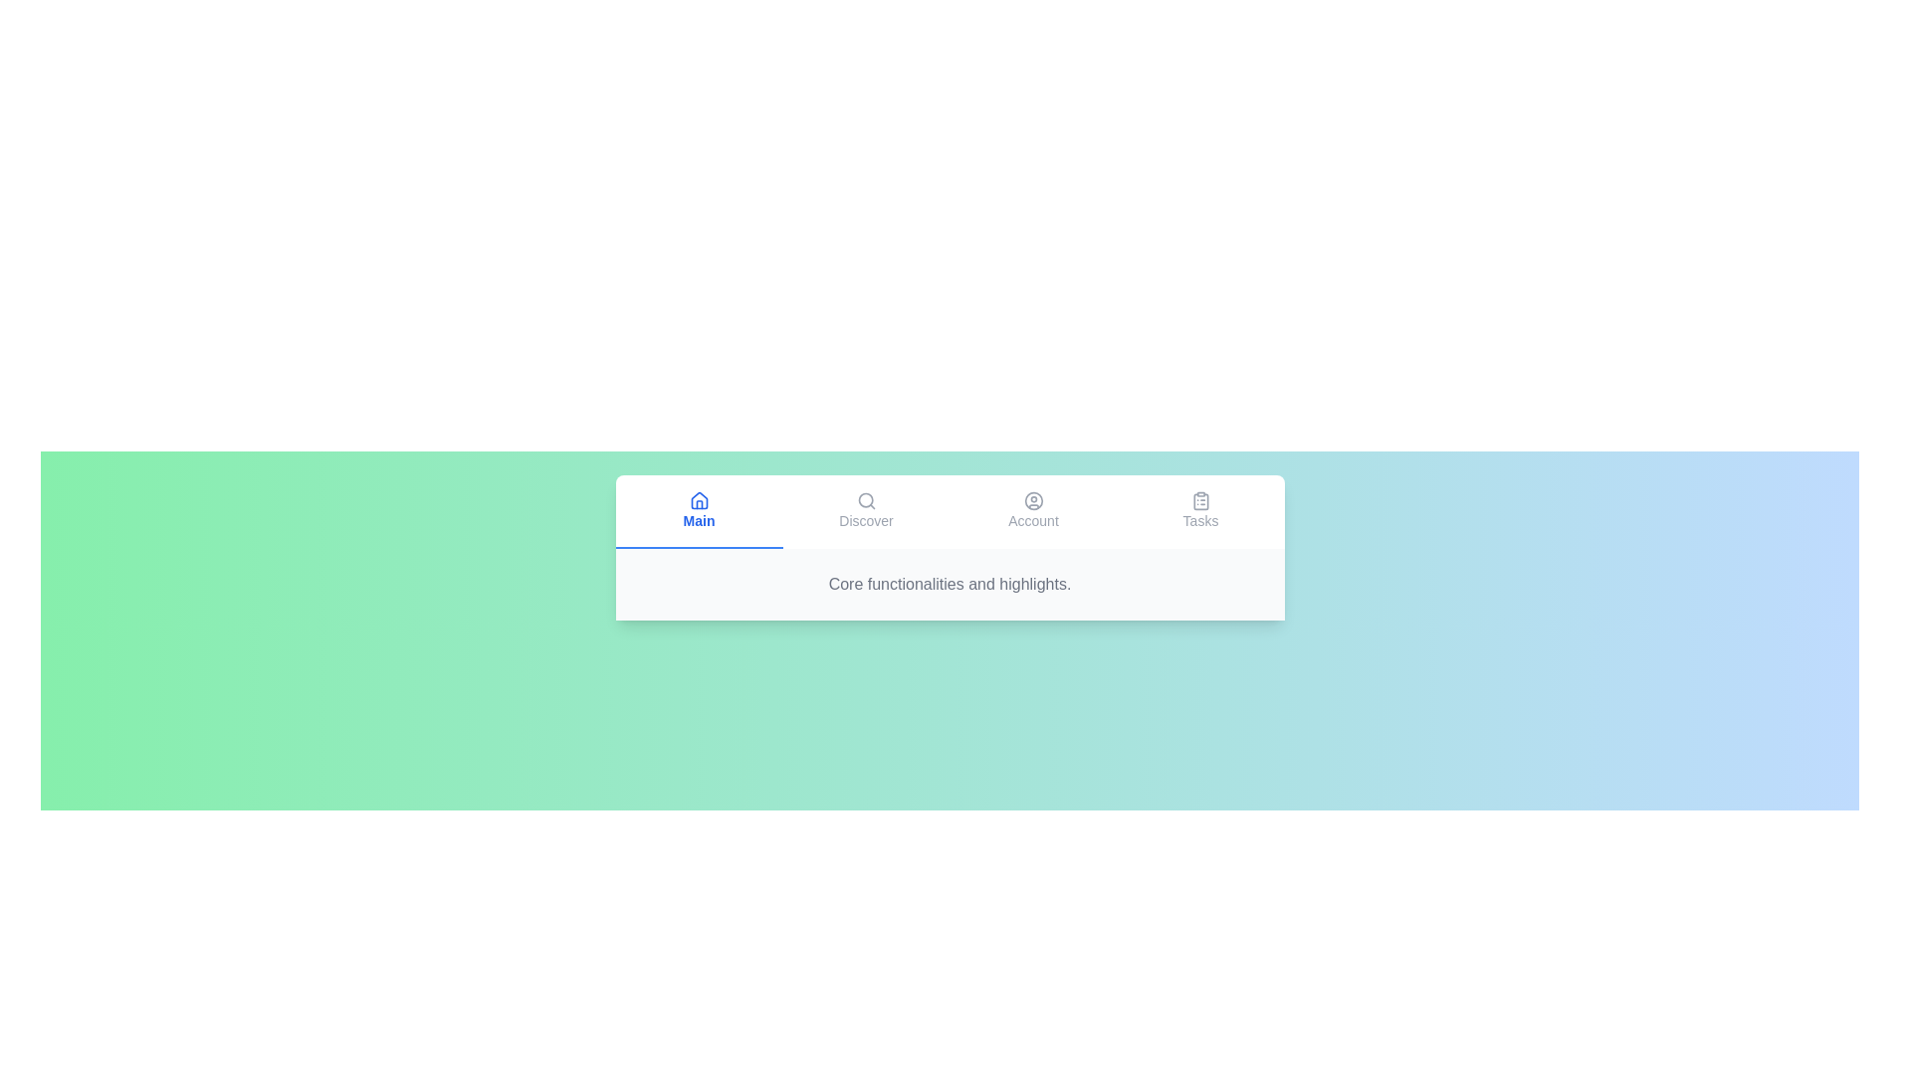 The image size is (1911, 1074). Describe the element at coordinates (1199, 511) in the screenshot. I see `the Tasks tab to switch to it` at that location.